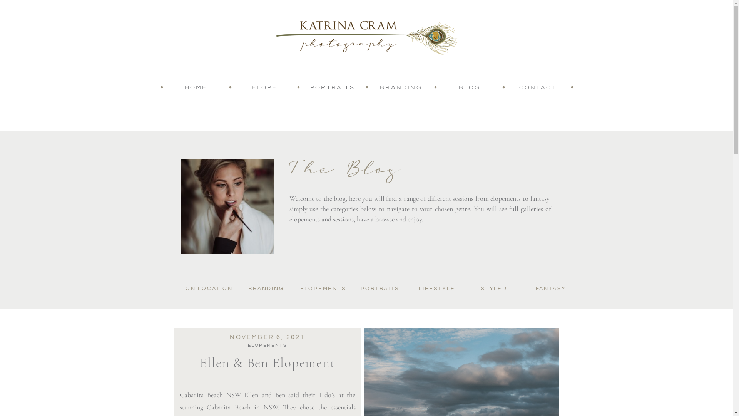 The image size is (739, 416). I want to click on 'Ellen & Ben Elopement', so click(268, 362).